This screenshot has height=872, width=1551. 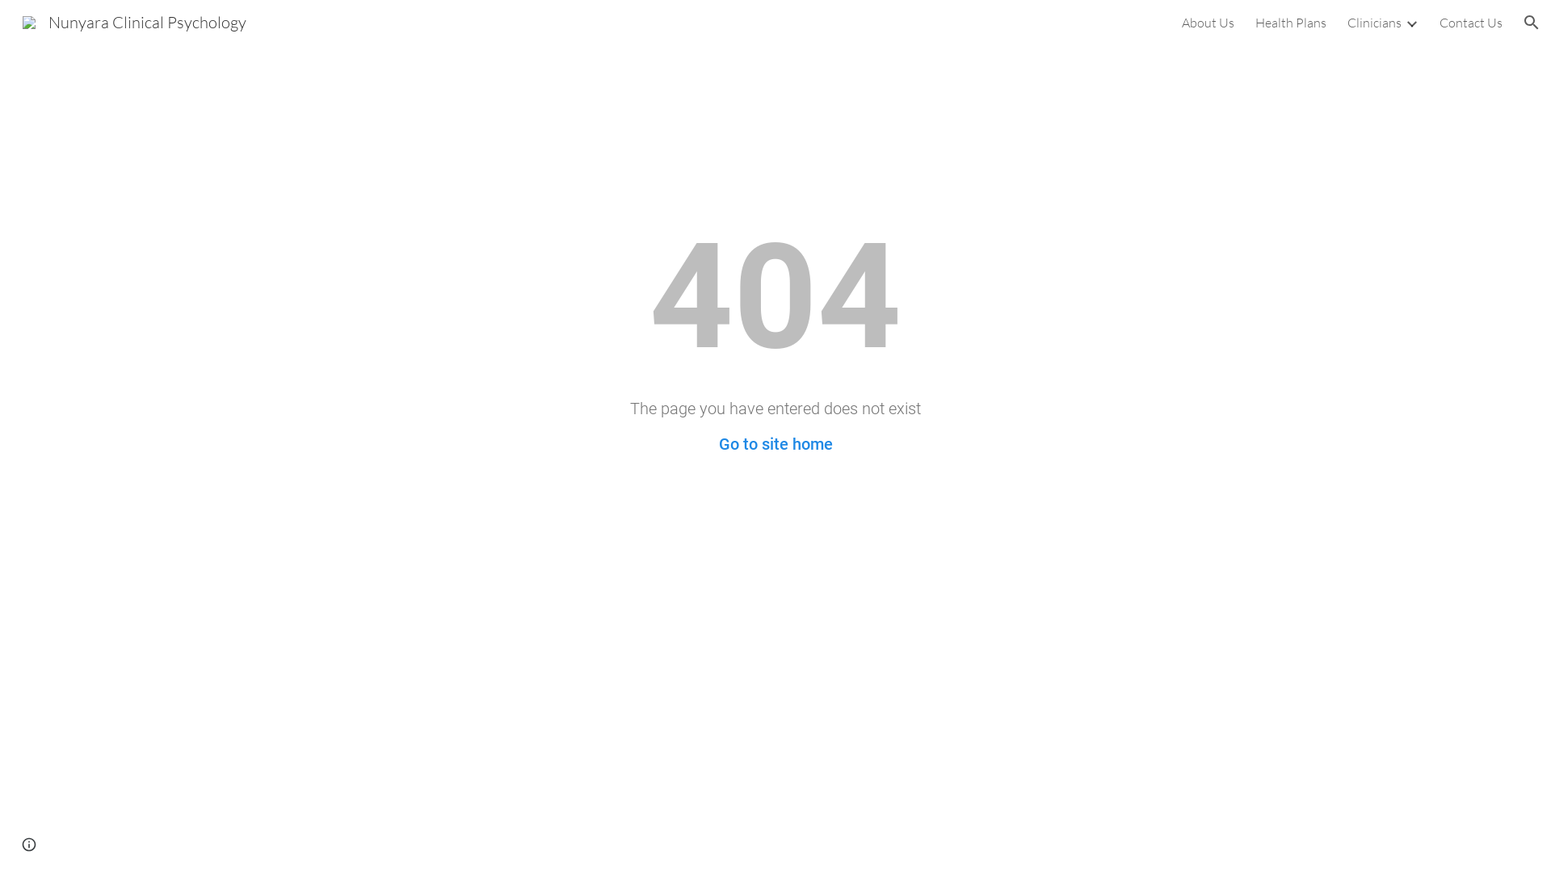 What do you see at coordinates (1410, 22) in the screenshot?
I see `'Expand/Collapse'` at bounding box center [1410, 22].